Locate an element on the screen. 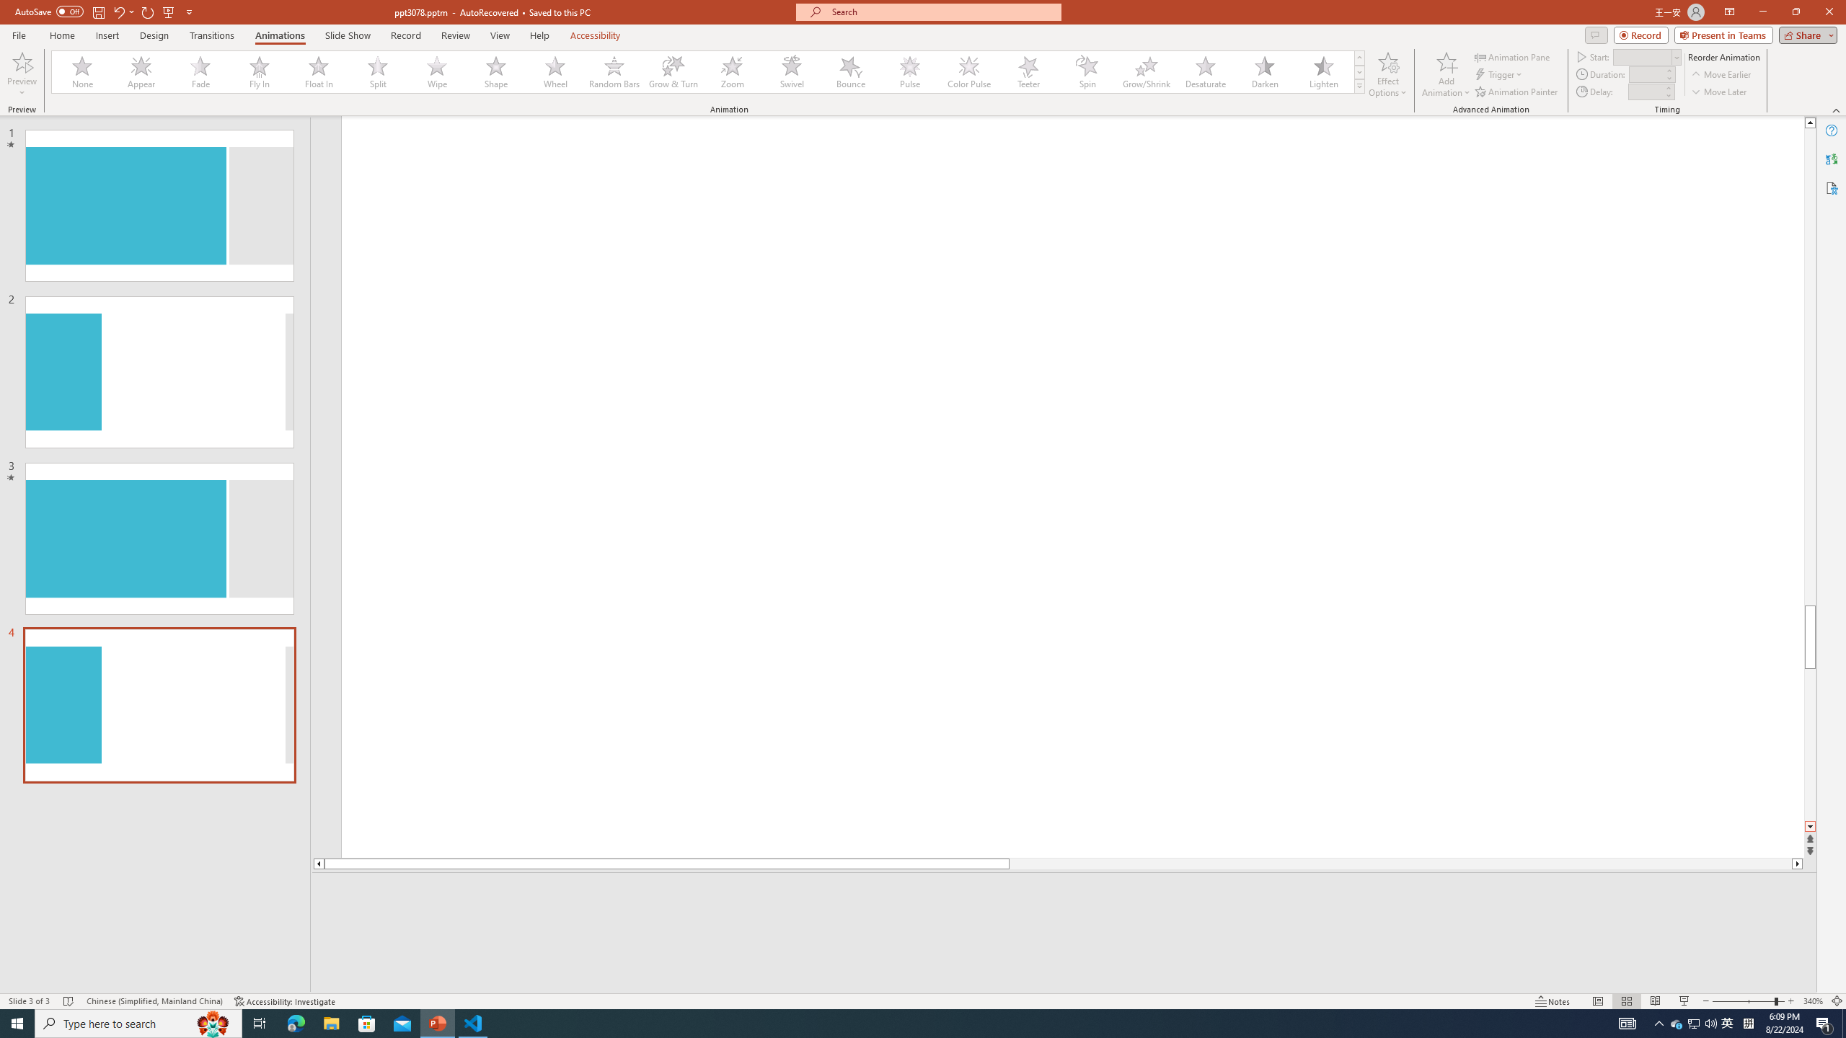  'Appear' is located at coordinates (141, 71).